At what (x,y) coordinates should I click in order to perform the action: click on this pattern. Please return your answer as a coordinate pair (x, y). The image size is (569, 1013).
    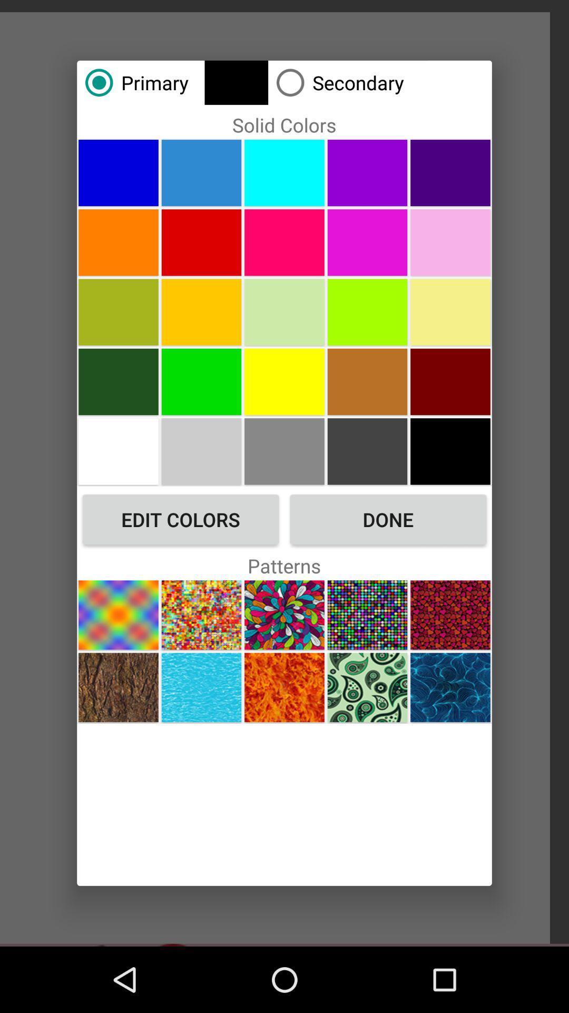
    Looking at the image, I should click on (367, 687).